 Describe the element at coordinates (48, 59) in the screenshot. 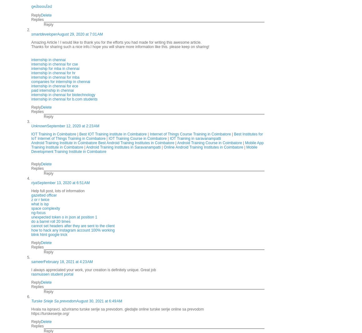

I see `'internship in chennai'` at that location.